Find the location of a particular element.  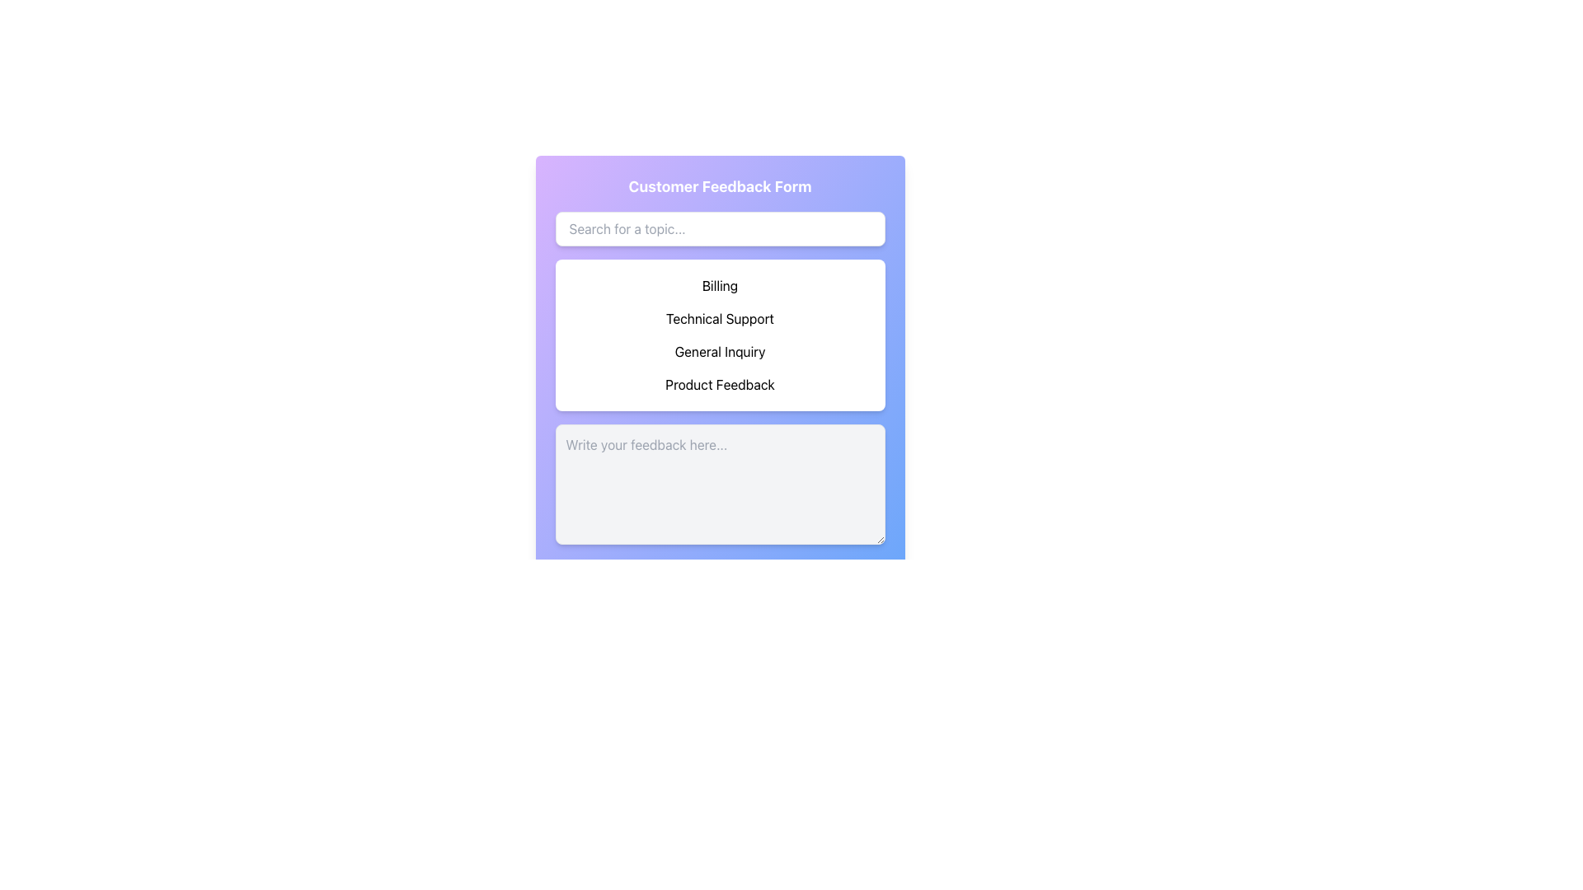

the decorative SVG graphic element located near the bottom of the central feedback form is located at coordinates (678, 630).